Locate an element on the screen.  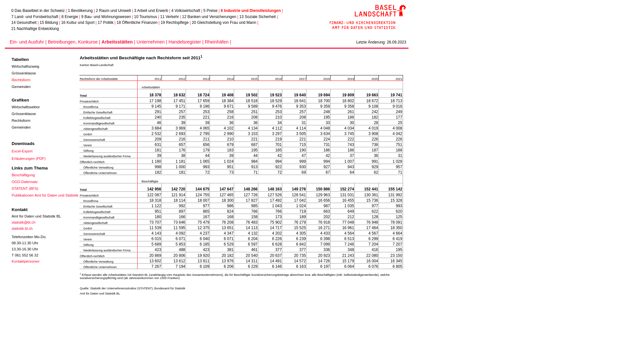
'17 Politik' is located at coordinates (106, 22).